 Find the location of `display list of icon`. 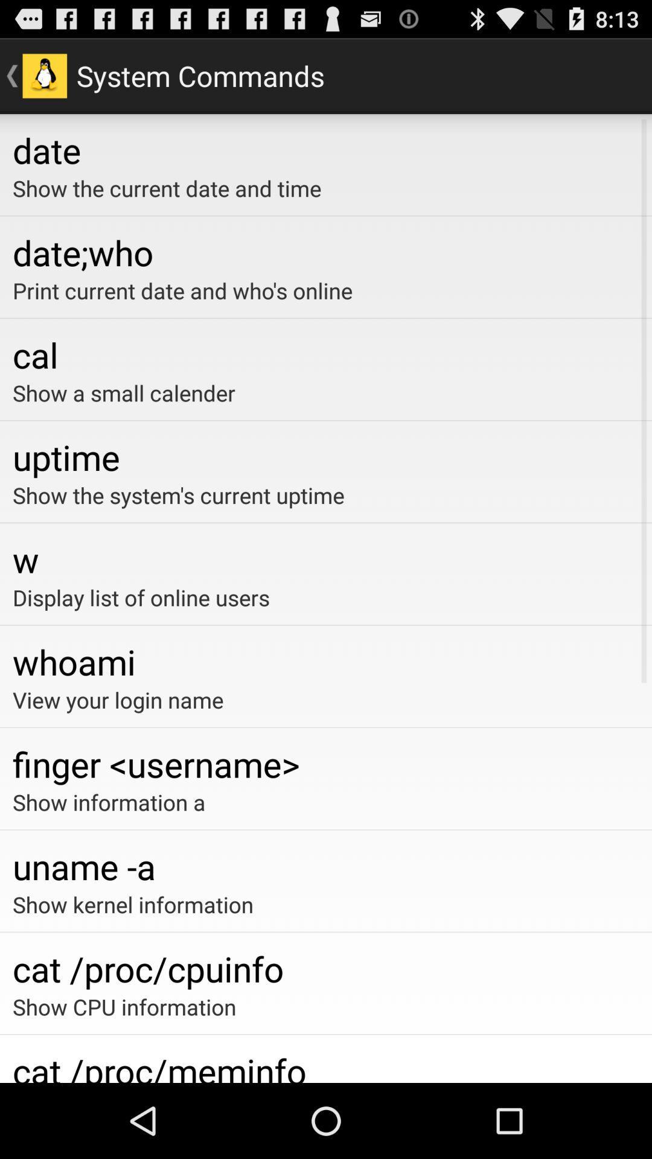

display list of icon is located at coordinates (326, 597).